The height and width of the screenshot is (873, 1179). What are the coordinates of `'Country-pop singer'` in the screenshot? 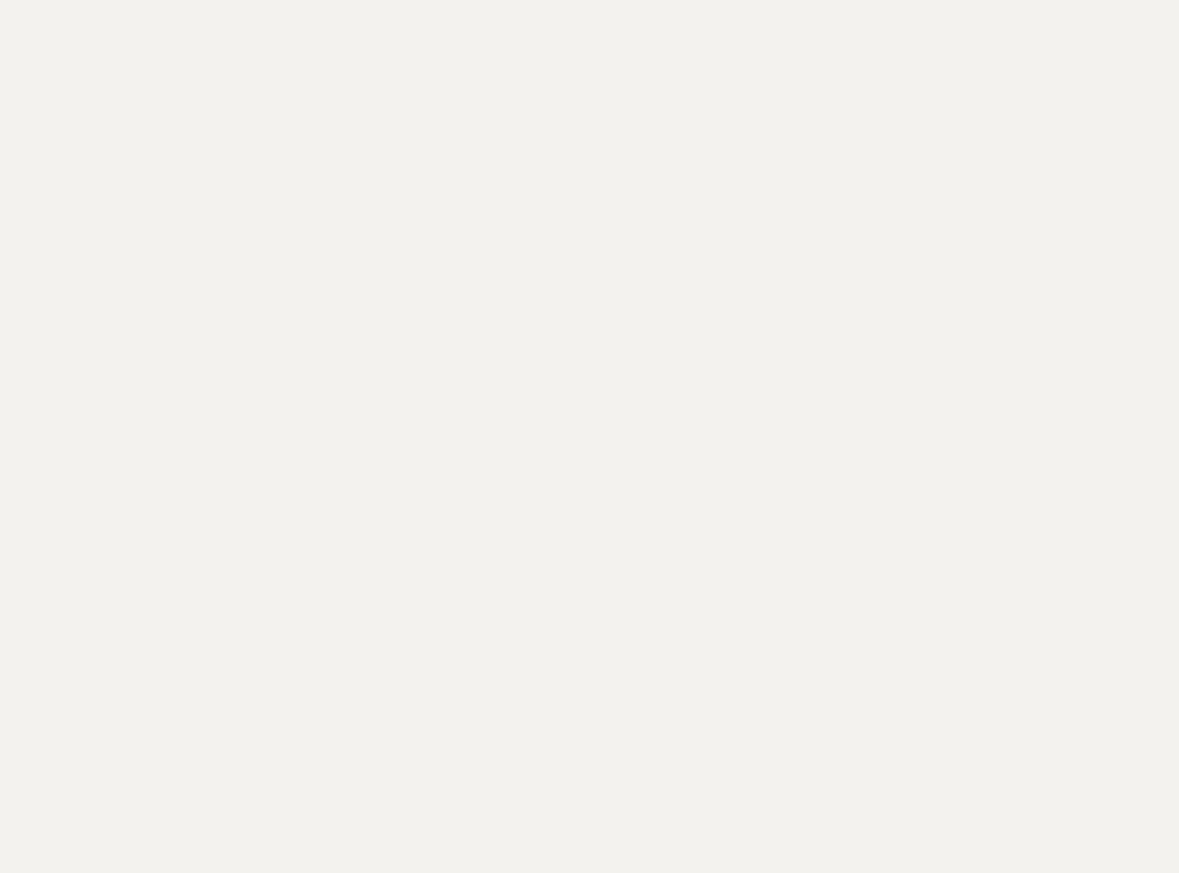 It's located at (370, 627).